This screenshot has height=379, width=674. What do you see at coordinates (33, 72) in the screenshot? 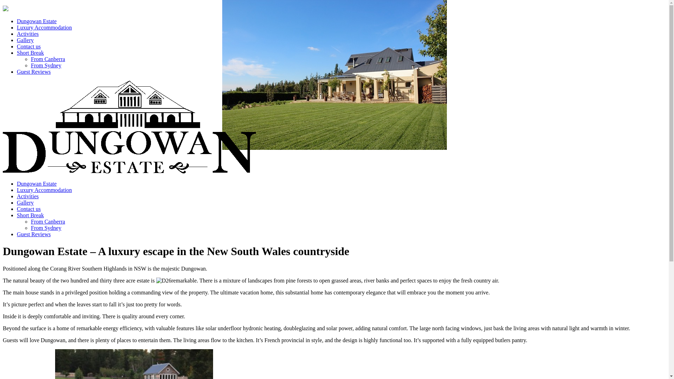
I see `'Guest Reviews'` at bounding box center [33, 72].